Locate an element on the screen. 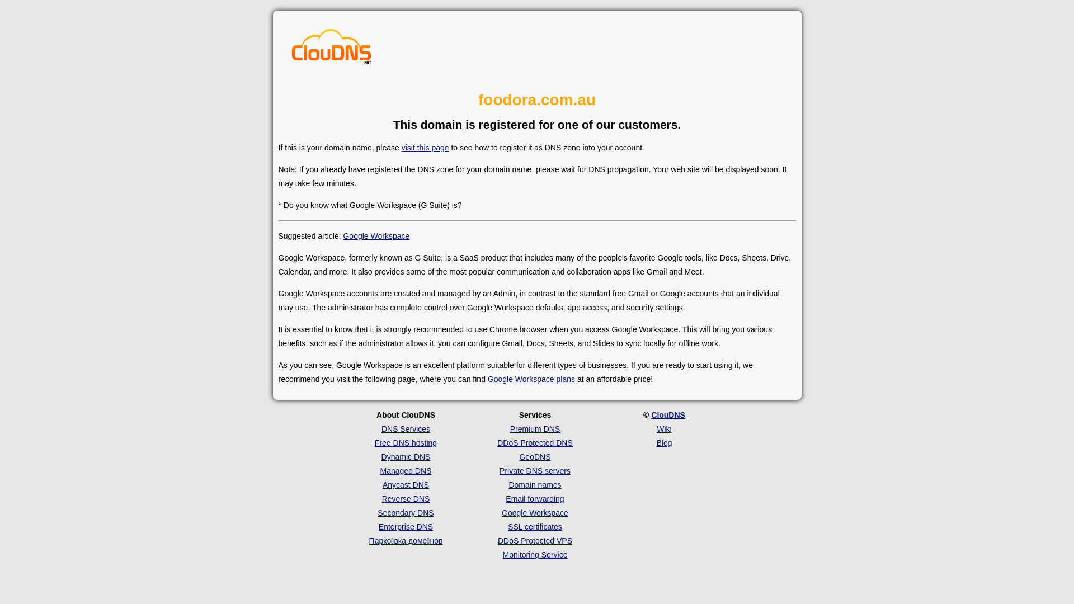 This screenshot has width=1074, height=604. 'Free DNS hosting' is located at coordinates (375, 442).